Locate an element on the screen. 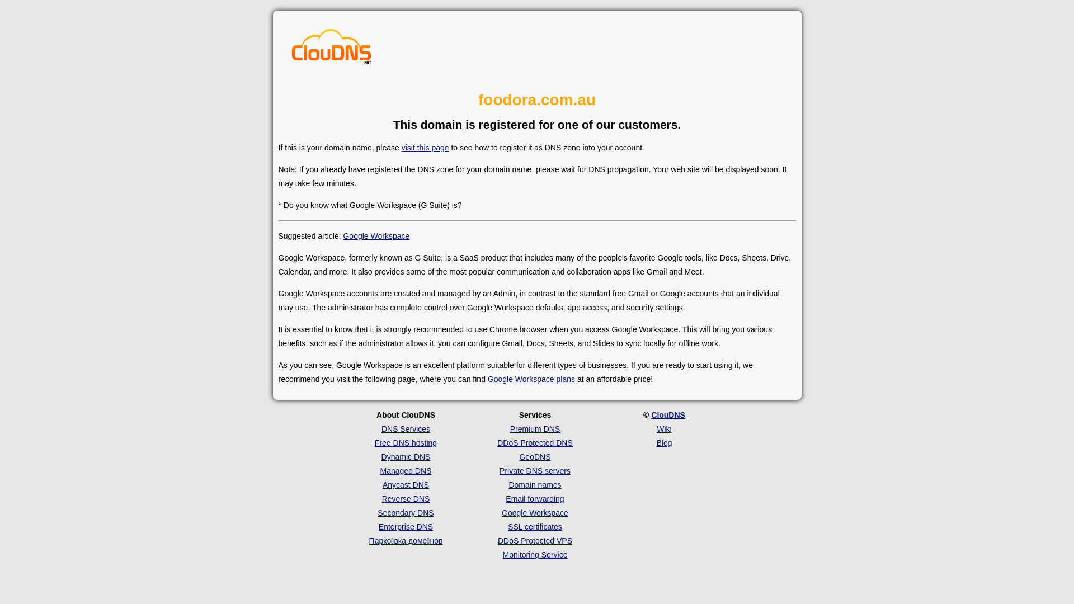 This screenshot has width=1074, height=604. 'Free DNS hosting' is located at coordinates (375, 442).